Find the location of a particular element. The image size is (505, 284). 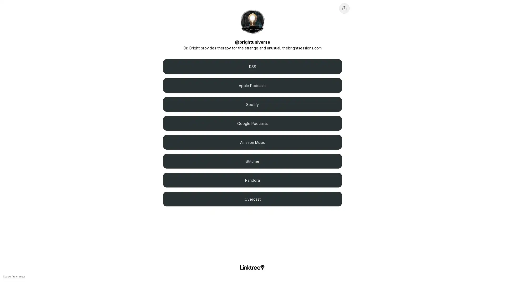

Cookie Preferences is located at coordinates (387, 272).